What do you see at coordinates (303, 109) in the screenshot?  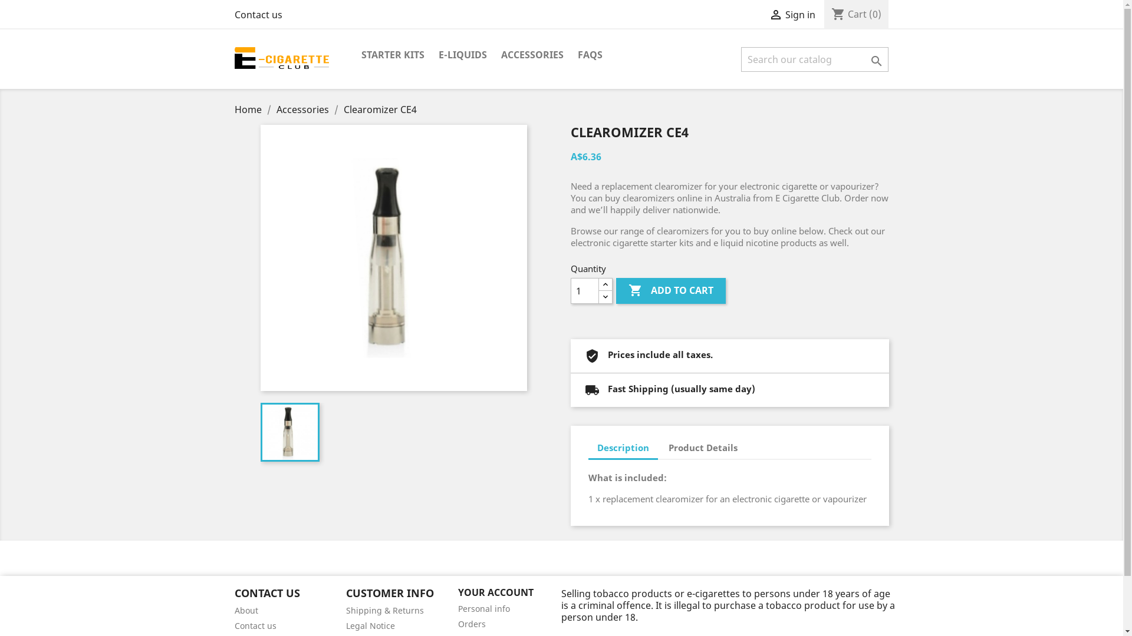 I see `'Accessories'` at bounding box center [303, 109].